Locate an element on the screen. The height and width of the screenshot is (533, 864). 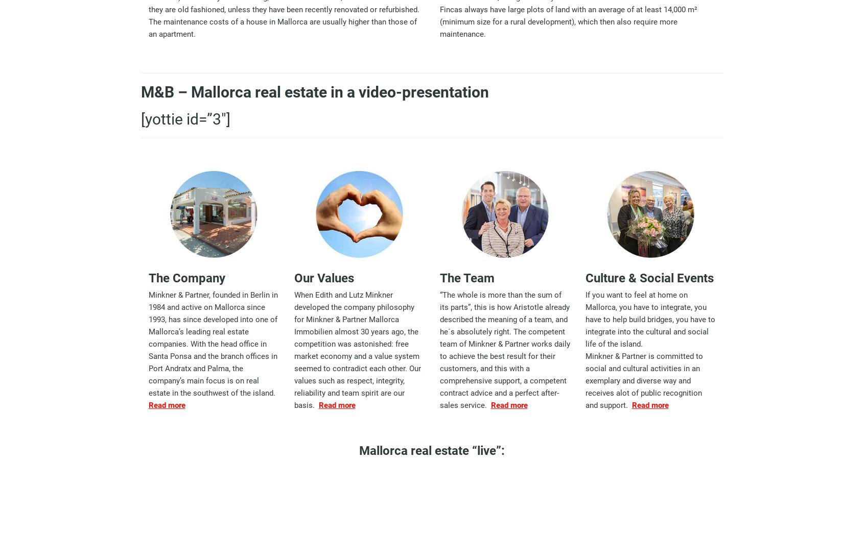
'M&B – Mallorca real estate in a video-presentation' is located at coordinates (314, 91).